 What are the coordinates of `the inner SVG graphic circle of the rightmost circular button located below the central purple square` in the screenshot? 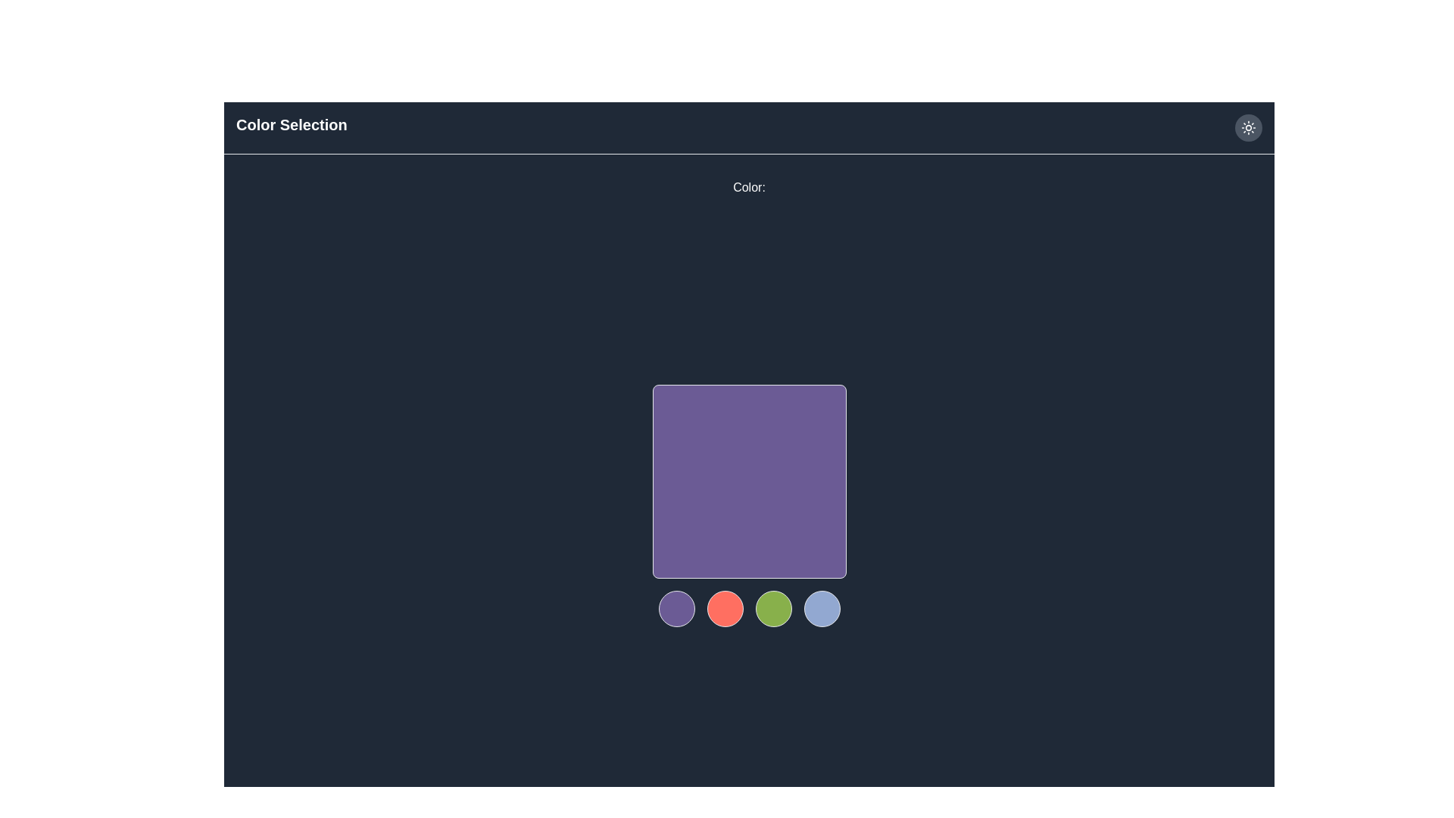 It's located at (811, 607).